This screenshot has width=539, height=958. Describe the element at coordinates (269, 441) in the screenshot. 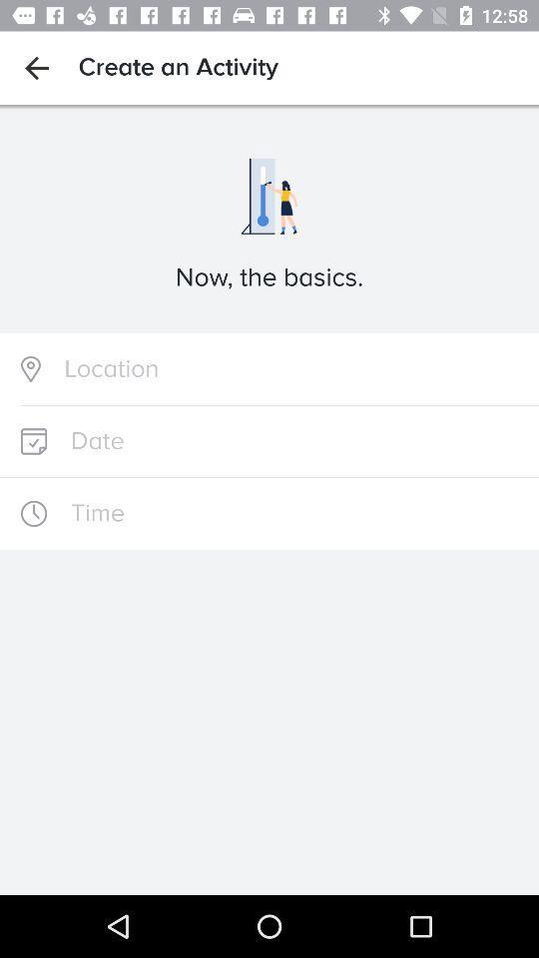

I see `the date here` at that location.